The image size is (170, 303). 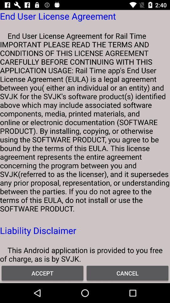 What do you see at coordinates (127, 273) in the screenshot?
I see `button to the right of the accept icon` at bounding box center [127, 273].